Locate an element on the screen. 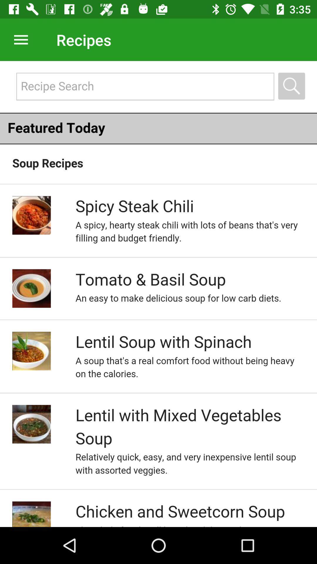 The image size is (317, 564). recipe page is located at coordinates (158, 294).